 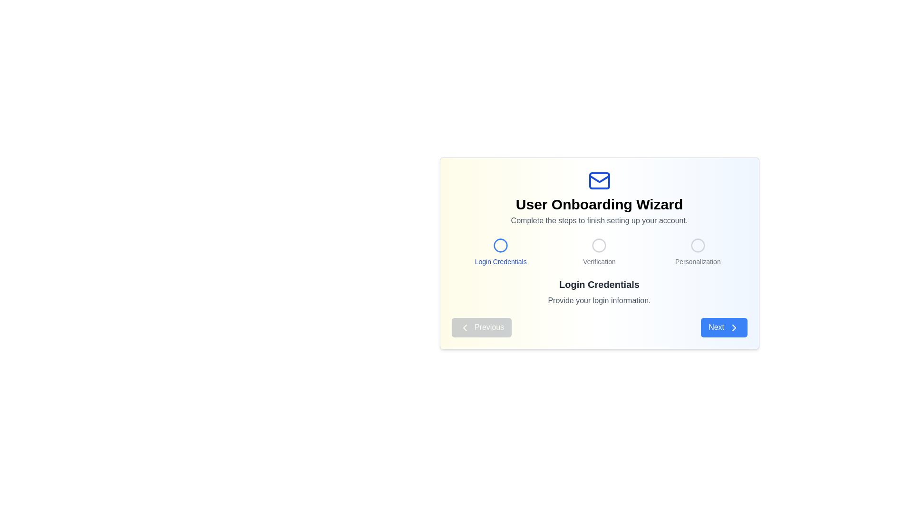 I want to click on the Information panel titled 'User Onboarding Wizard' which contains a header and subtitle, positioned centrally above the step indicators, so click(x=599, y=198).